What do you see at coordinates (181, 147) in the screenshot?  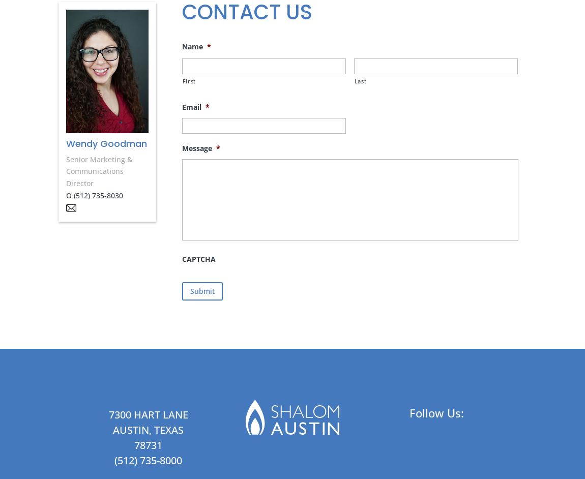 I see `'Message'` at bounding box center [181, 147].